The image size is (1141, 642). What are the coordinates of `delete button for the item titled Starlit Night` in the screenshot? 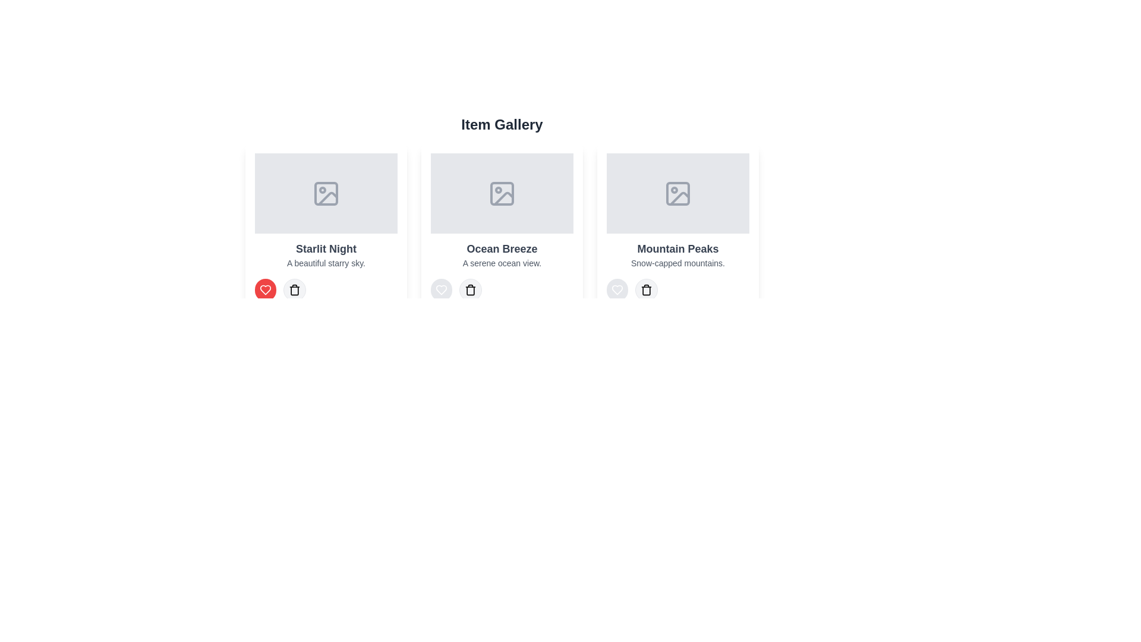 It's located at (294, 290).